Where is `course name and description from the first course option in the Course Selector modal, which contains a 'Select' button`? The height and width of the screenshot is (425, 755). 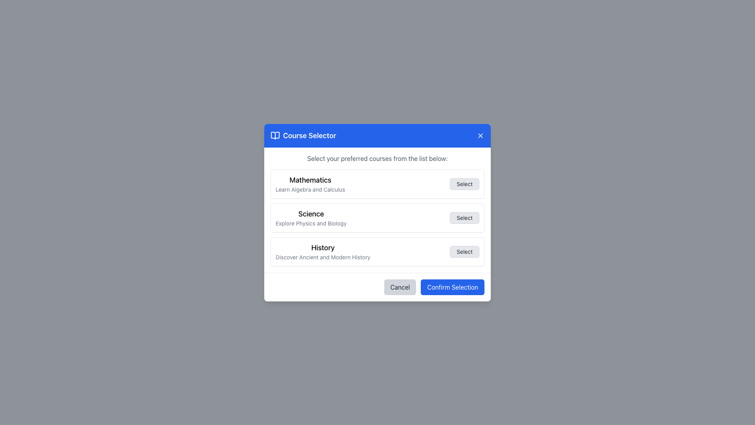
course name and description from the first course option in the Course Selector modal, which contains a 'Select' button is located at coordinates (377, 184).